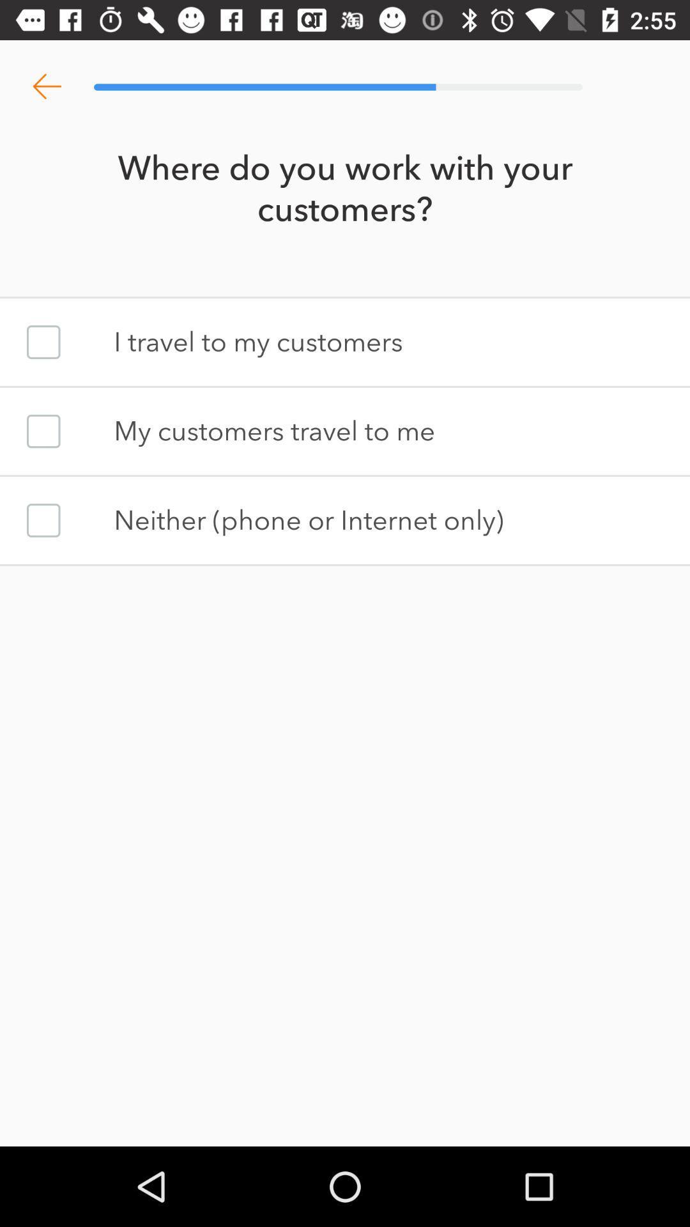  I want to click on selection button, so click(43, 431).